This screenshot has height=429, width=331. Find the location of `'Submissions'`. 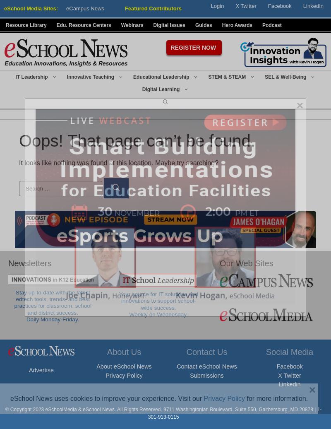

'Submissions' is located at coordinates (206, 375).